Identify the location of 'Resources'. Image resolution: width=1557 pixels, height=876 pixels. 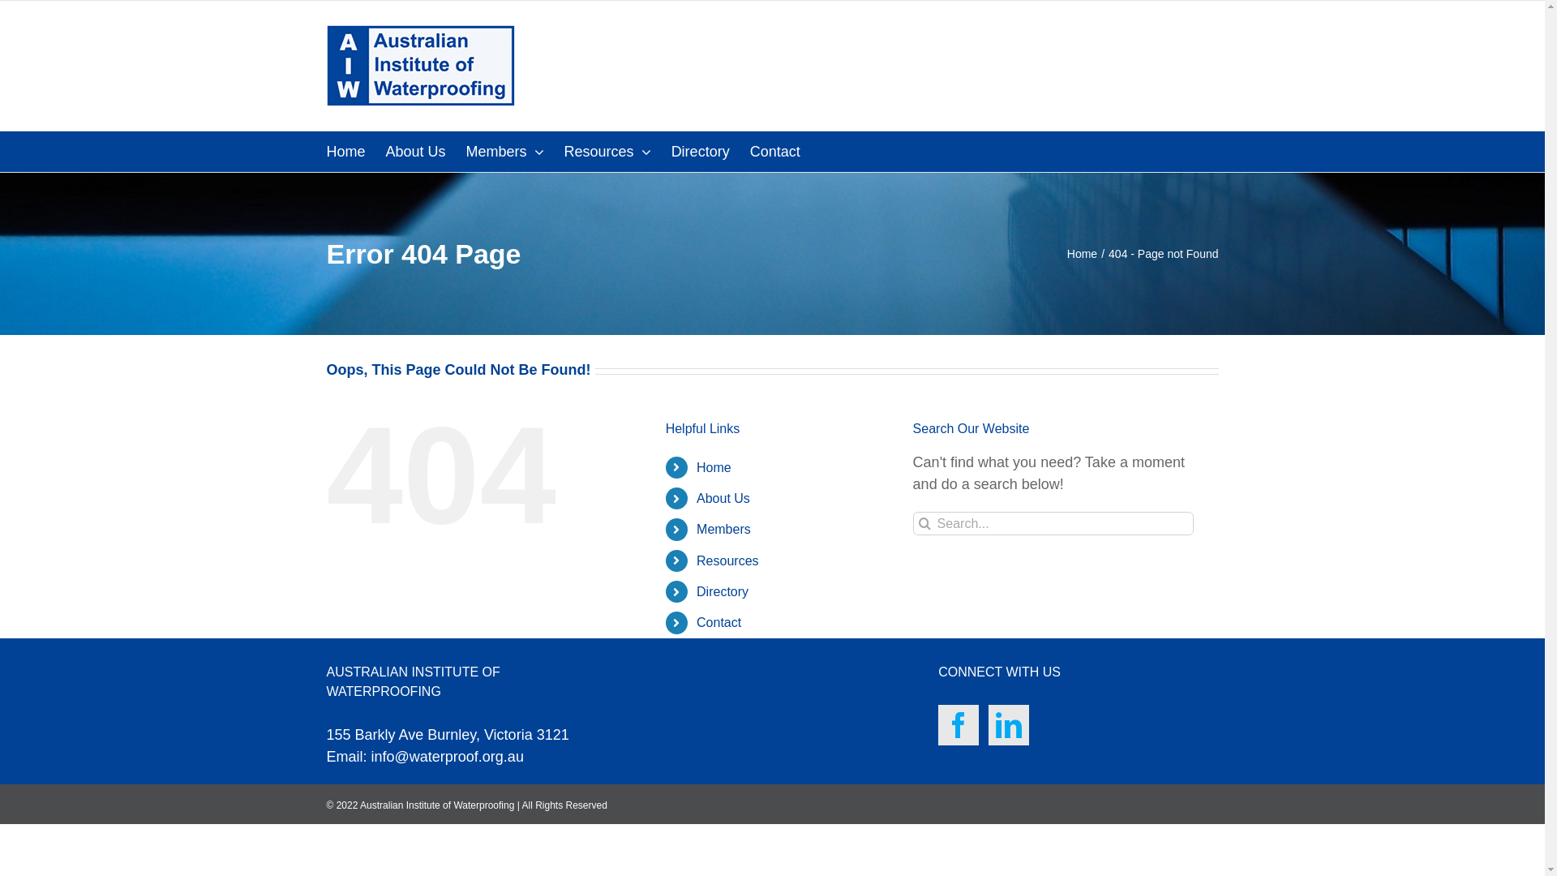
(607, 151).